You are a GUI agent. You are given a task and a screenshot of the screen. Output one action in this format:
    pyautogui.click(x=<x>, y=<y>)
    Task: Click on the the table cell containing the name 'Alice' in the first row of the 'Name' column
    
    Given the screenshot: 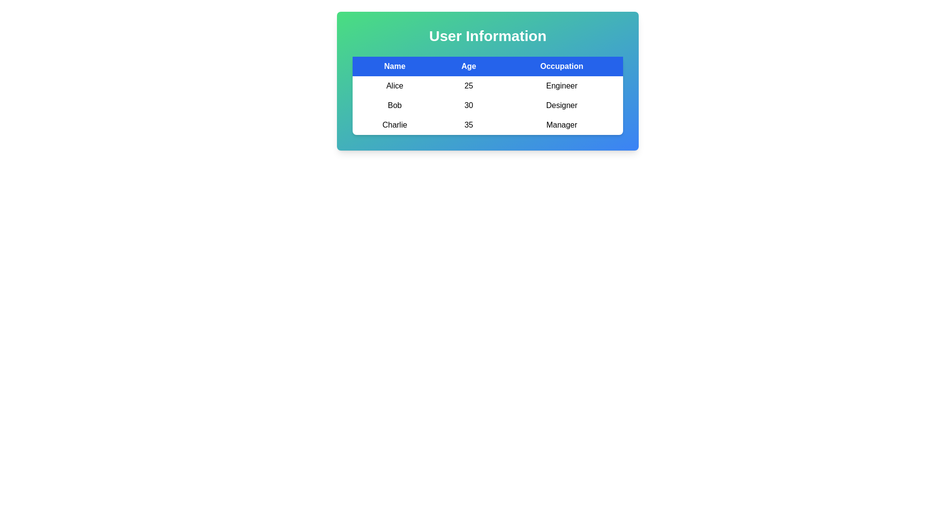 What is the action you would take?
    pyautogui.click(x=395, y=86)
    